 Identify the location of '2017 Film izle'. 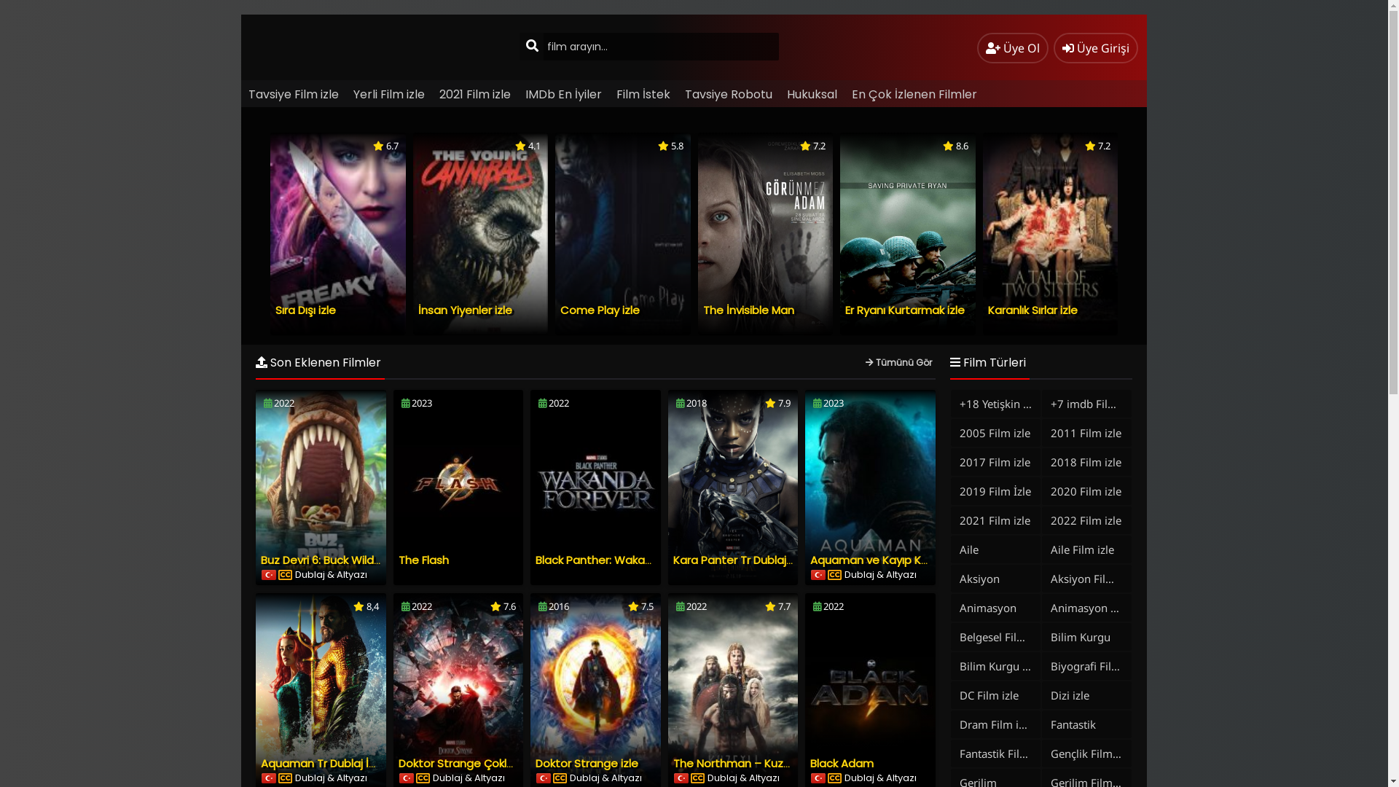
(995, 461).